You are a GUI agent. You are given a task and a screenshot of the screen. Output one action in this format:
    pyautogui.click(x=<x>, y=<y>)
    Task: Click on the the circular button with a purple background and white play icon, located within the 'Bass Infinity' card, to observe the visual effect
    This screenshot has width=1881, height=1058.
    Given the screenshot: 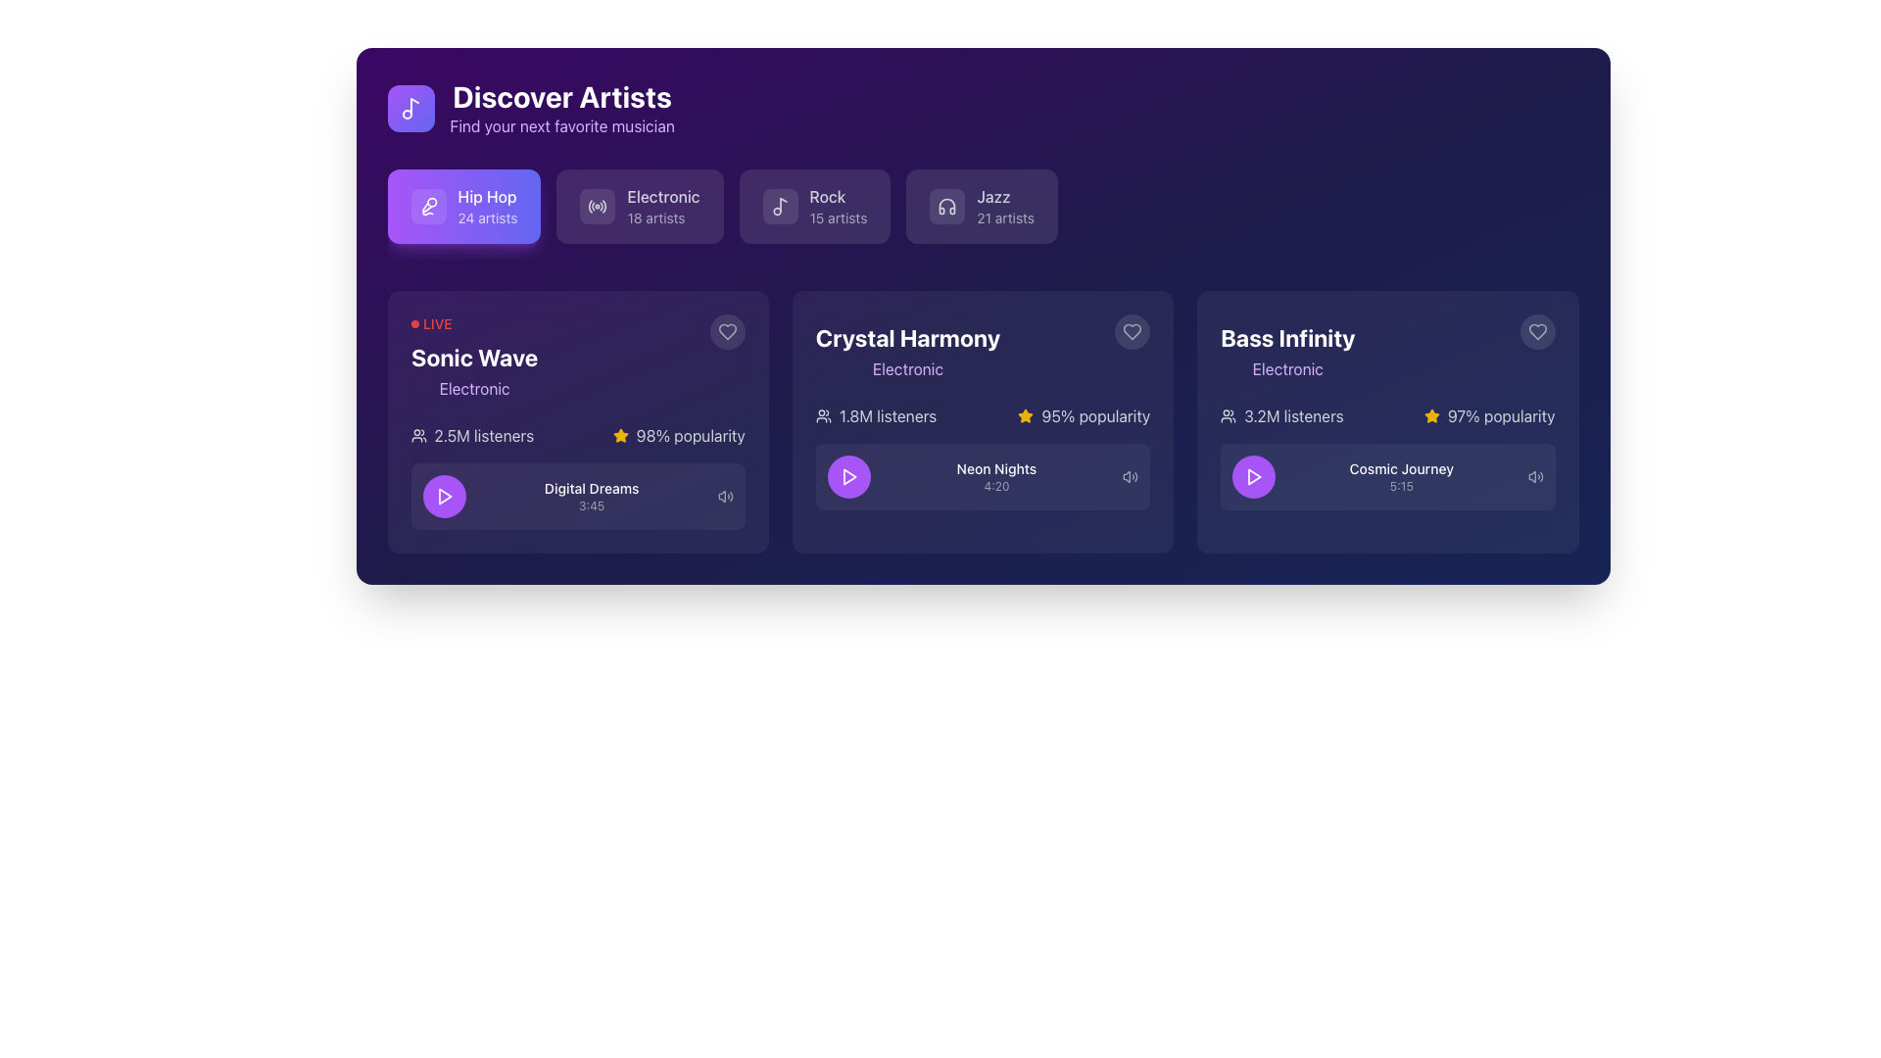 What is the action you would take?
    pyautogui.click(x=1254, y=476)
    